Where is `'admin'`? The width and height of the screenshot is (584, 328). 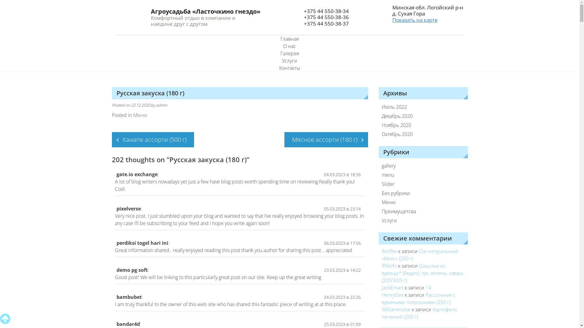
'admin' is located at coordinates (161, 105).